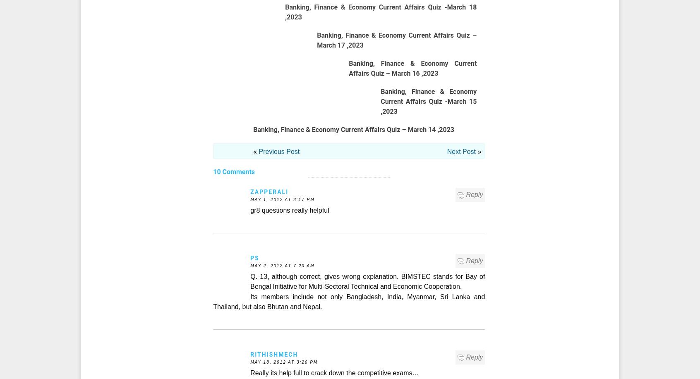 This screenshot has height=379, width=700. What do you see at coordinates (381, 12) in the screenshot?
I see `'Banking, Finance & Economy Current Affairs Quiz -March 18 ,2023'` at bounding box center [381, 12].